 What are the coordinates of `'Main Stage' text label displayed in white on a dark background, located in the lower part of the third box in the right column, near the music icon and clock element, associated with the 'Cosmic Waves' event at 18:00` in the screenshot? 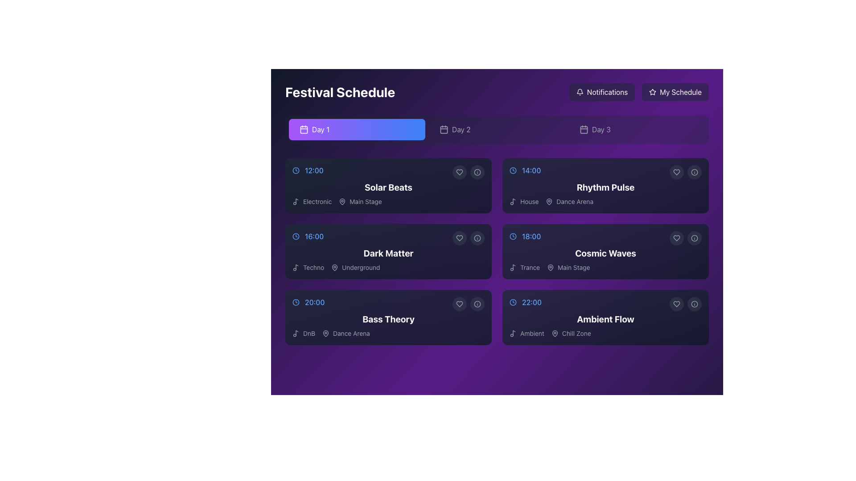 It's located at (574, 267).